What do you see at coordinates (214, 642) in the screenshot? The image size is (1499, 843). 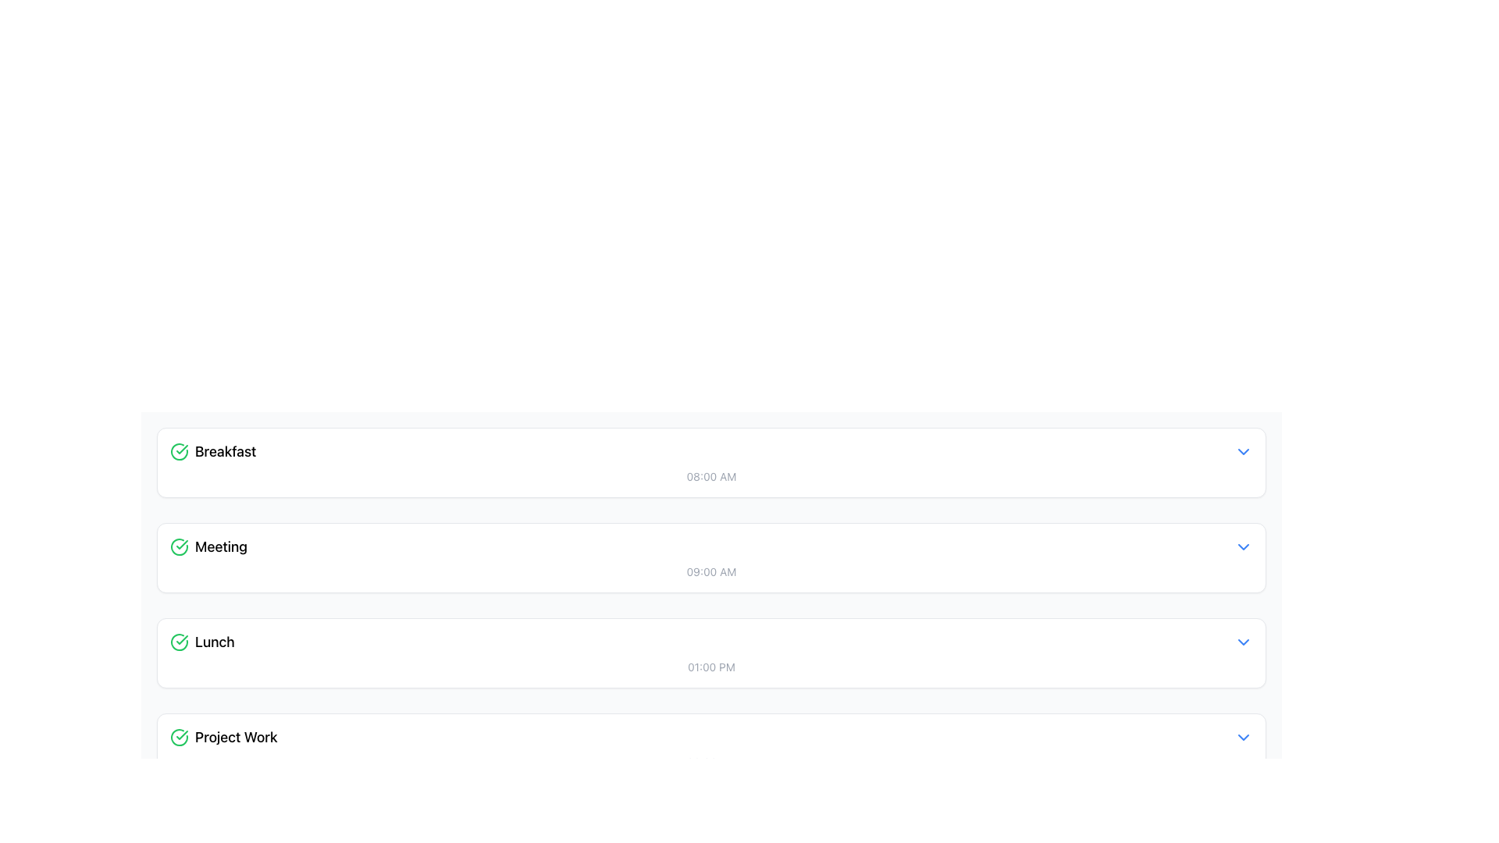 I see `the text label that indicates a scheduled activity or task, located in the third position of a vertical list with a green checkmark icon on its left` at bounding box center [214, 642].